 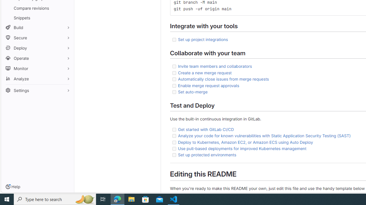 I want to click on 'Operate', so click(x=37, y=58).